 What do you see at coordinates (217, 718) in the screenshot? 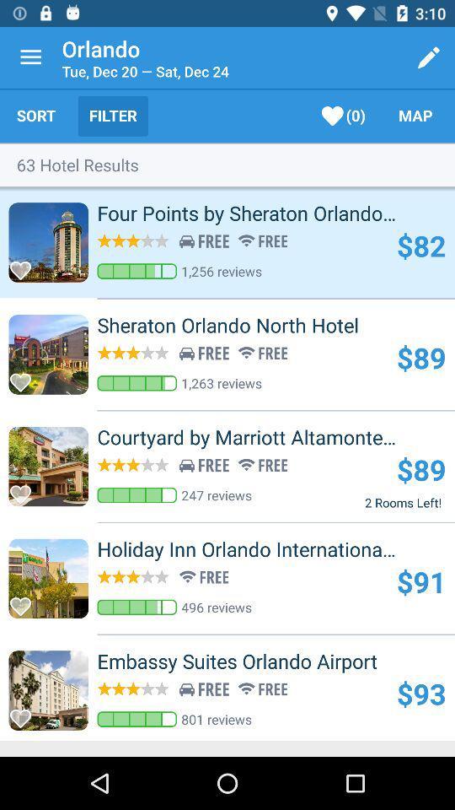
I see `the 801 reviews icon` at bounding box center [217, 718].